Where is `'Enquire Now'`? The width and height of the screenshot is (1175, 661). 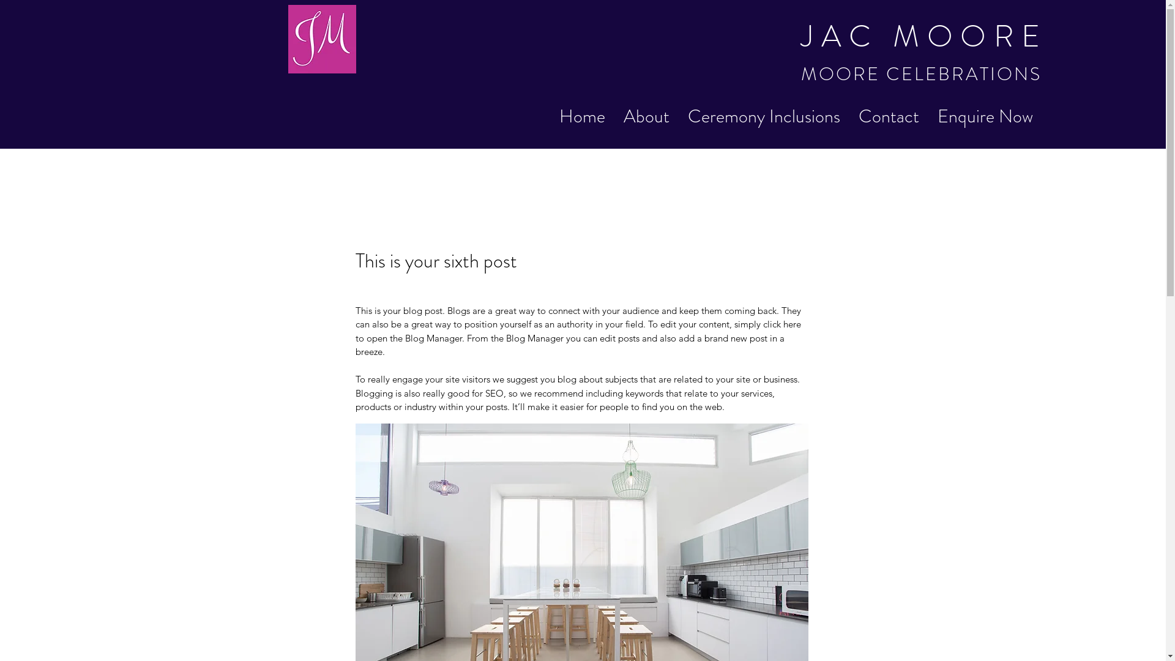
'Enquire Now' is located at coordinates (985, 116).